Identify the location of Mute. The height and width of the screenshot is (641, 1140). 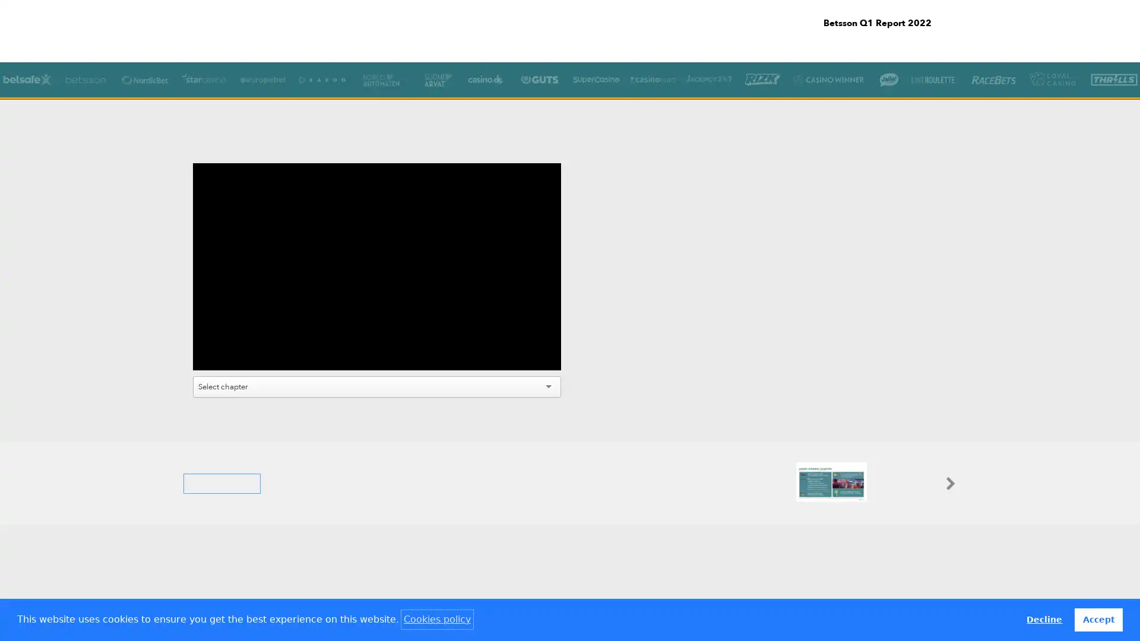
(228, 351).